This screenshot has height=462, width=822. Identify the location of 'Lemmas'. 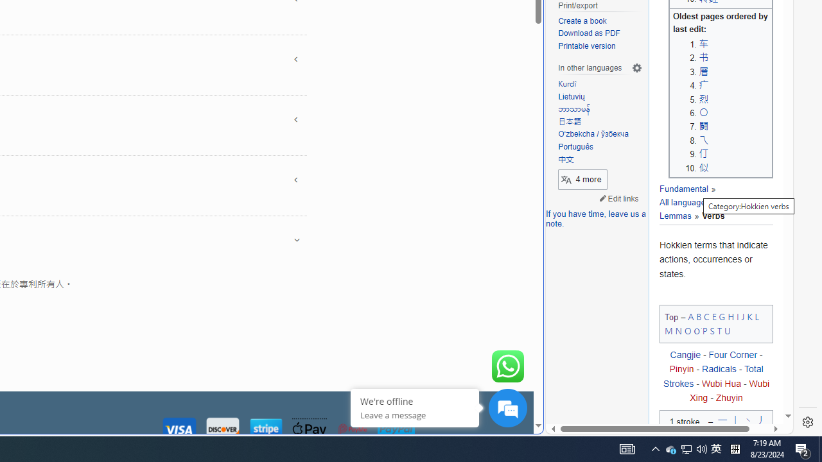
(708, 209).